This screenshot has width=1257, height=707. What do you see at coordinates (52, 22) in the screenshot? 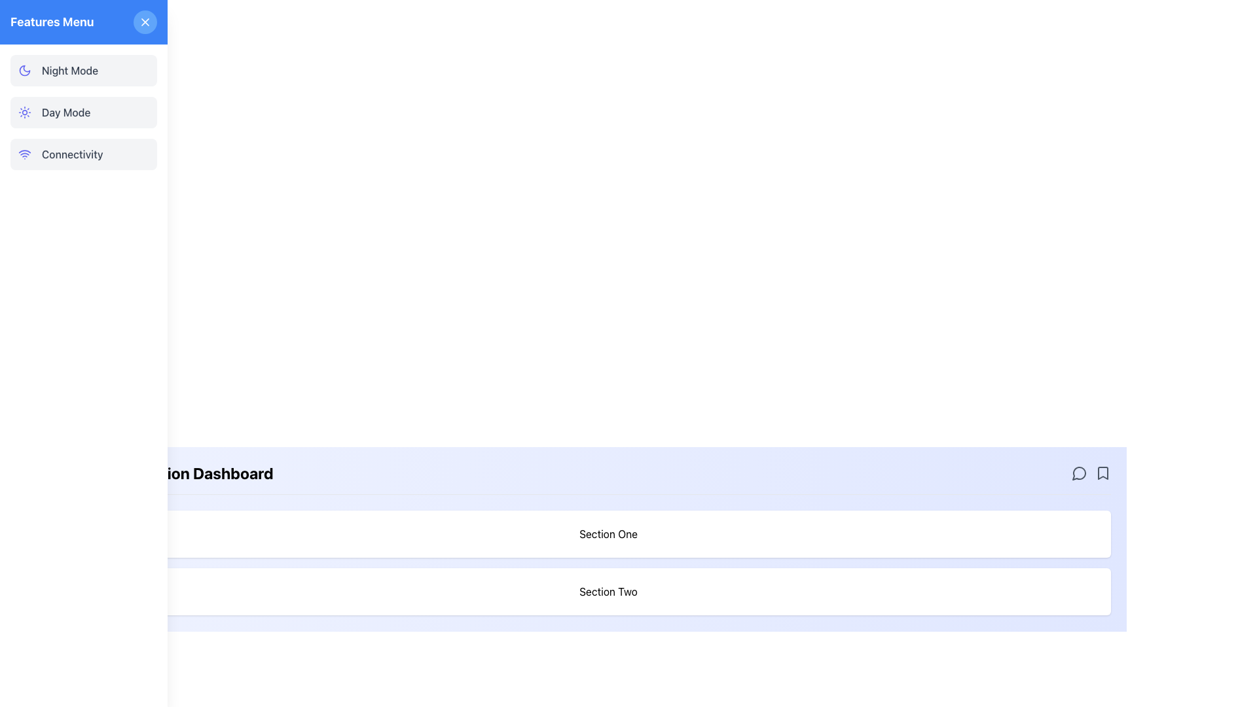
I see `the 'Features Menu' text label, which is styled in bold white text on a blue background, located in the top-left corner of the interface` at bounding box center [52, 22].